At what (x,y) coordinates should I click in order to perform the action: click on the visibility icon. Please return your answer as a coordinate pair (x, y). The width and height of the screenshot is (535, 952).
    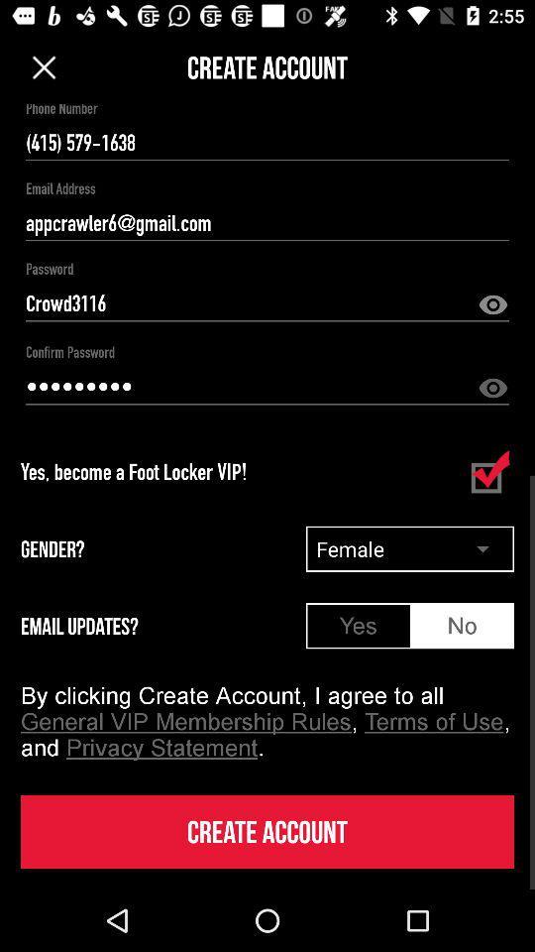
    Looking at the image, I should click on (491, 305).